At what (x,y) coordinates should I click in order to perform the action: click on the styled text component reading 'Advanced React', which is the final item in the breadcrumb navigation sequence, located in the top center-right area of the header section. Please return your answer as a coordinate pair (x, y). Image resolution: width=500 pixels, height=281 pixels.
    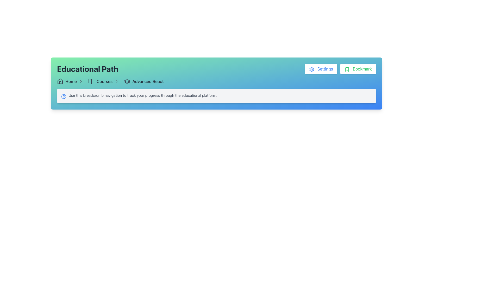
    Looking at the image, I should click on (148, 81).